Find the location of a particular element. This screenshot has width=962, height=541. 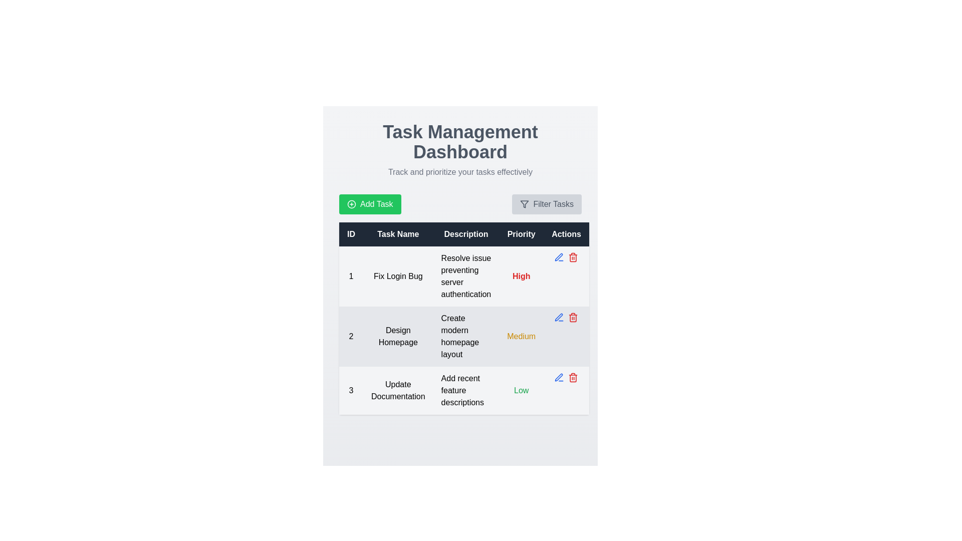

the 'Medium' text label in the 'Priority' column associated with the 'Design Homepage' row is located at coordinates (521, 336).